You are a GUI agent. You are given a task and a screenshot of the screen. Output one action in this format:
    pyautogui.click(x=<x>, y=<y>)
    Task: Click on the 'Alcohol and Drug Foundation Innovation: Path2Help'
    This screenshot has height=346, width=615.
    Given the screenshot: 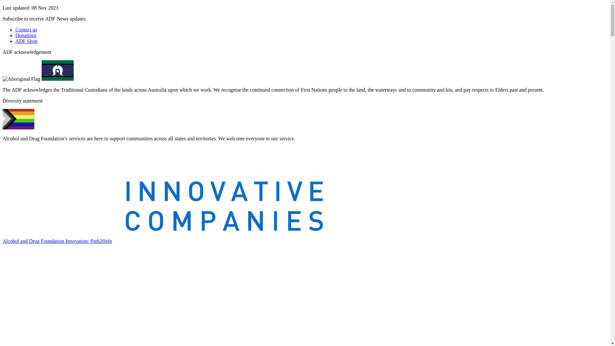 What is the action you would take?
    pyautogui.click(x=57, y=241)
    